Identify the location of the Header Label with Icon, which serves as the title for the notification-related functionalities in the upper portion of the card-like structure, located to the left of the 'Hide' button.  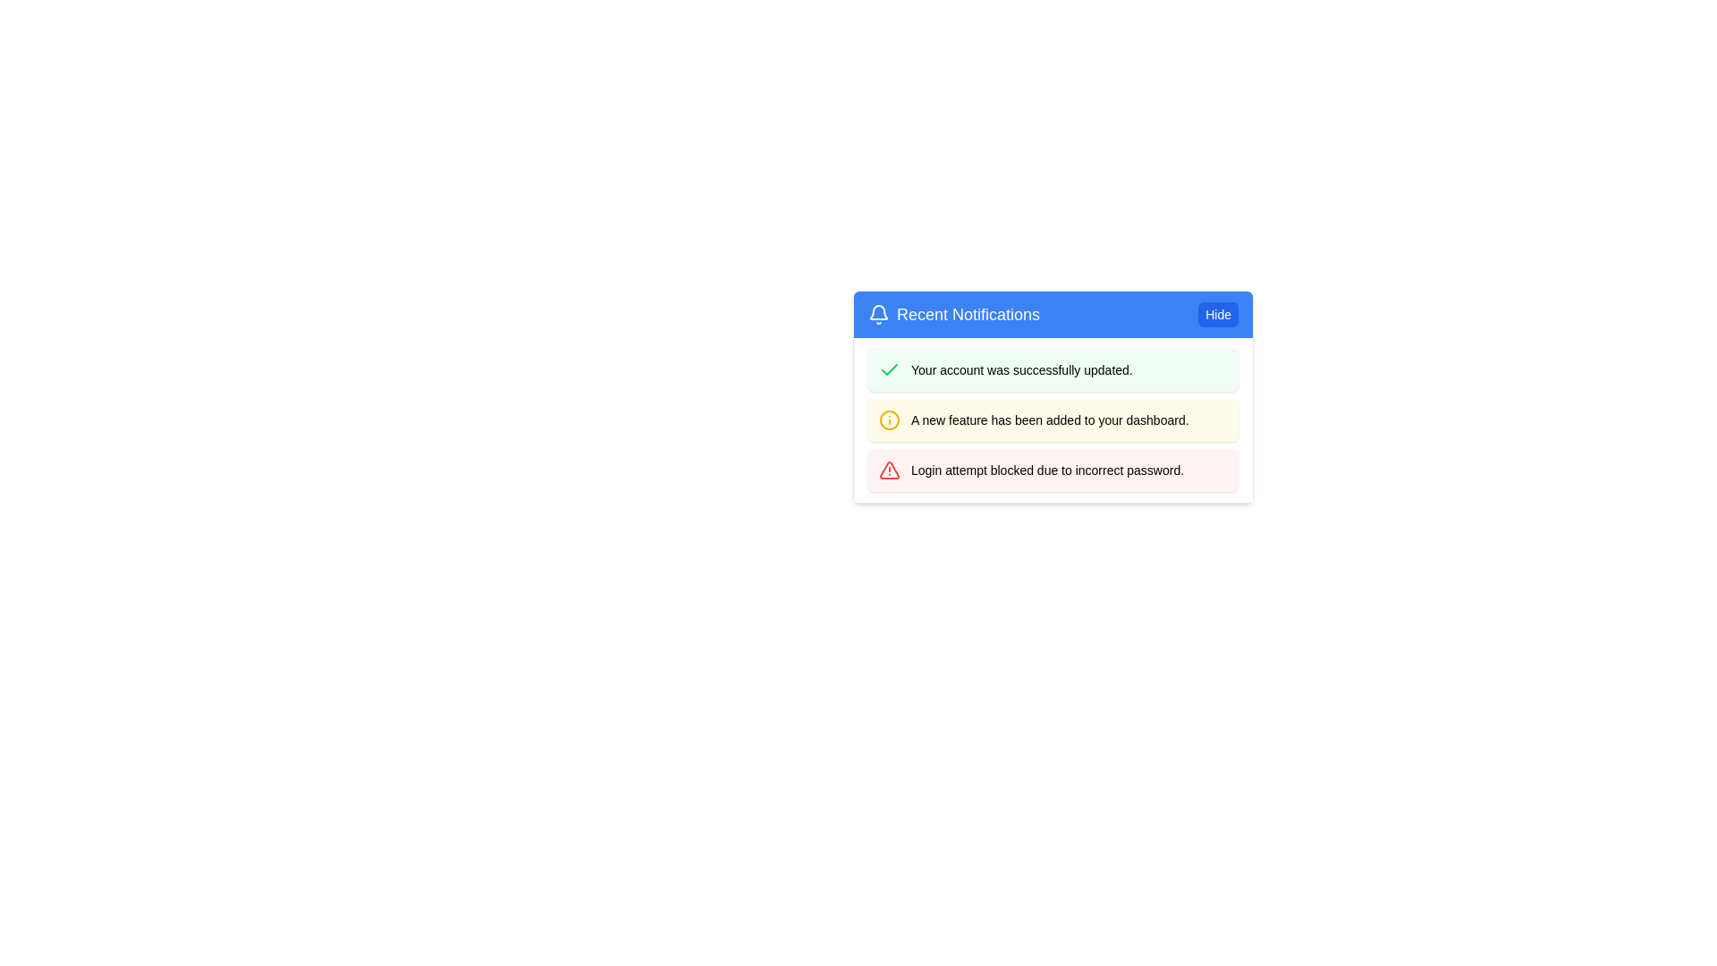
(952, 313).